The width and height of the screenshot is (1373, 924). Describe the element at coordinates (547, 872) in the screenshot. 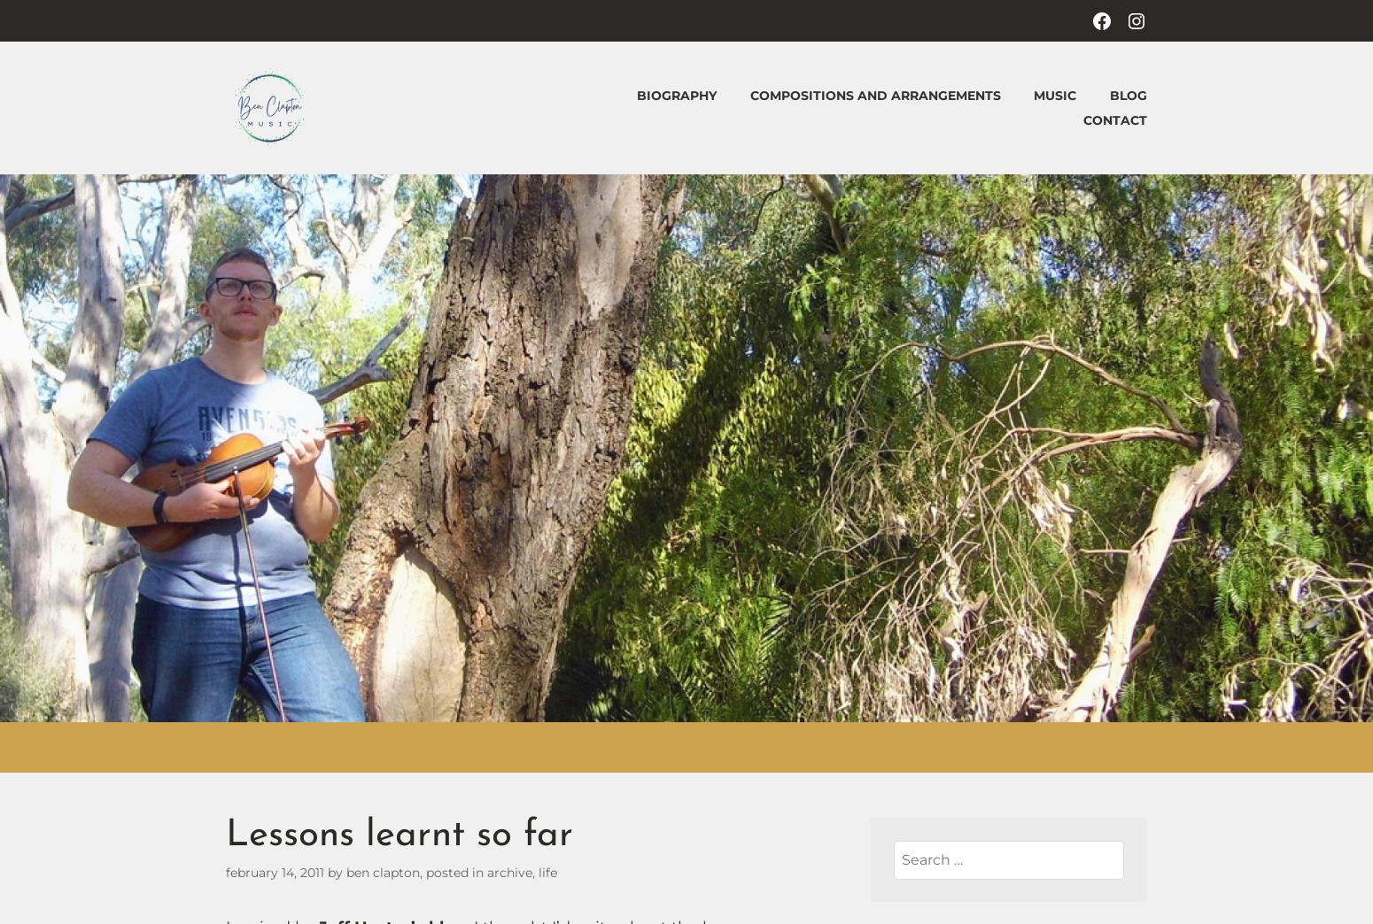

I see `'Life'` at that location.